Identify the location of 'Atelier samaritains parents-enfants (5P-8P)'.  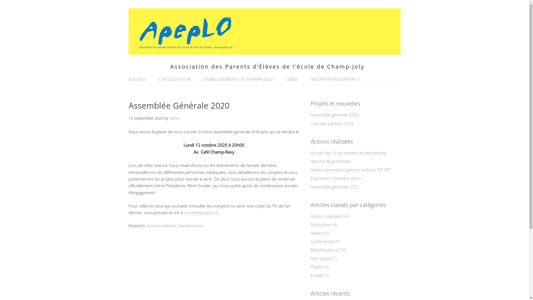
(350, 169).